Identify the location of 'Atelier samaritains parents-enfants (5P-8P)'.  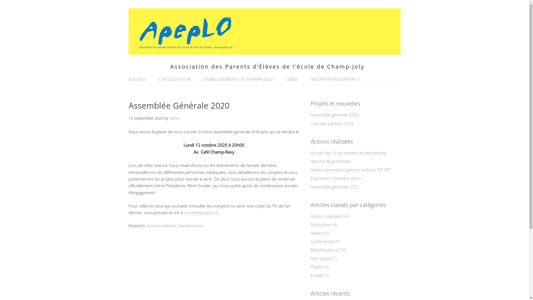
(350, 169).